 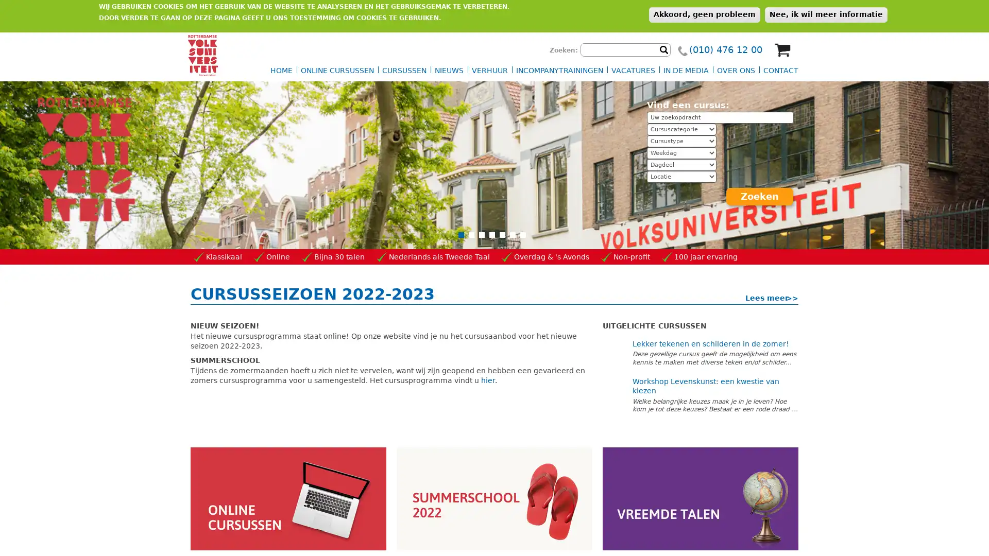 I want to click on Nee, ik wil meer informatie, so click(x=826, y=14).